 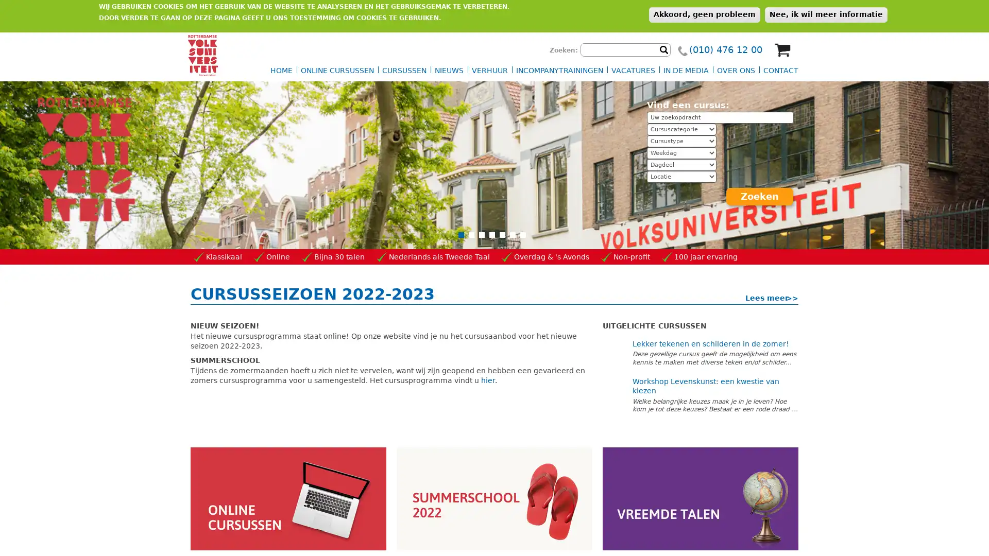 I want to click on Nee, ik wil meer informatie, so click(x=826, y=14).